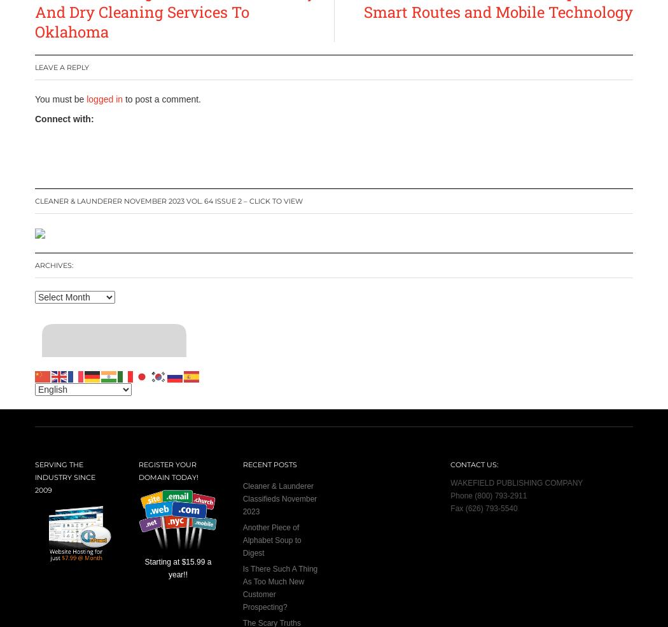 This screenshot has height=627, width=668. I want to click on 'Connect with:', so click(64, 118).